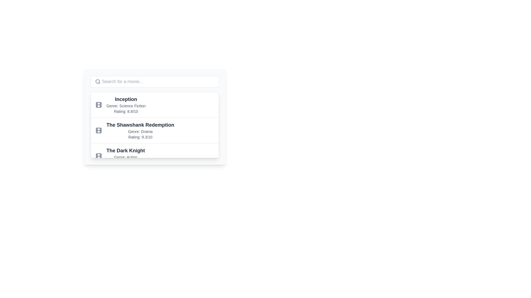  What do you see at coordinates (126, 105) in the screenshot?
I see `the informational text block displaying the title 'Inception' and its details for additional information` at bounding box center [126, 105].